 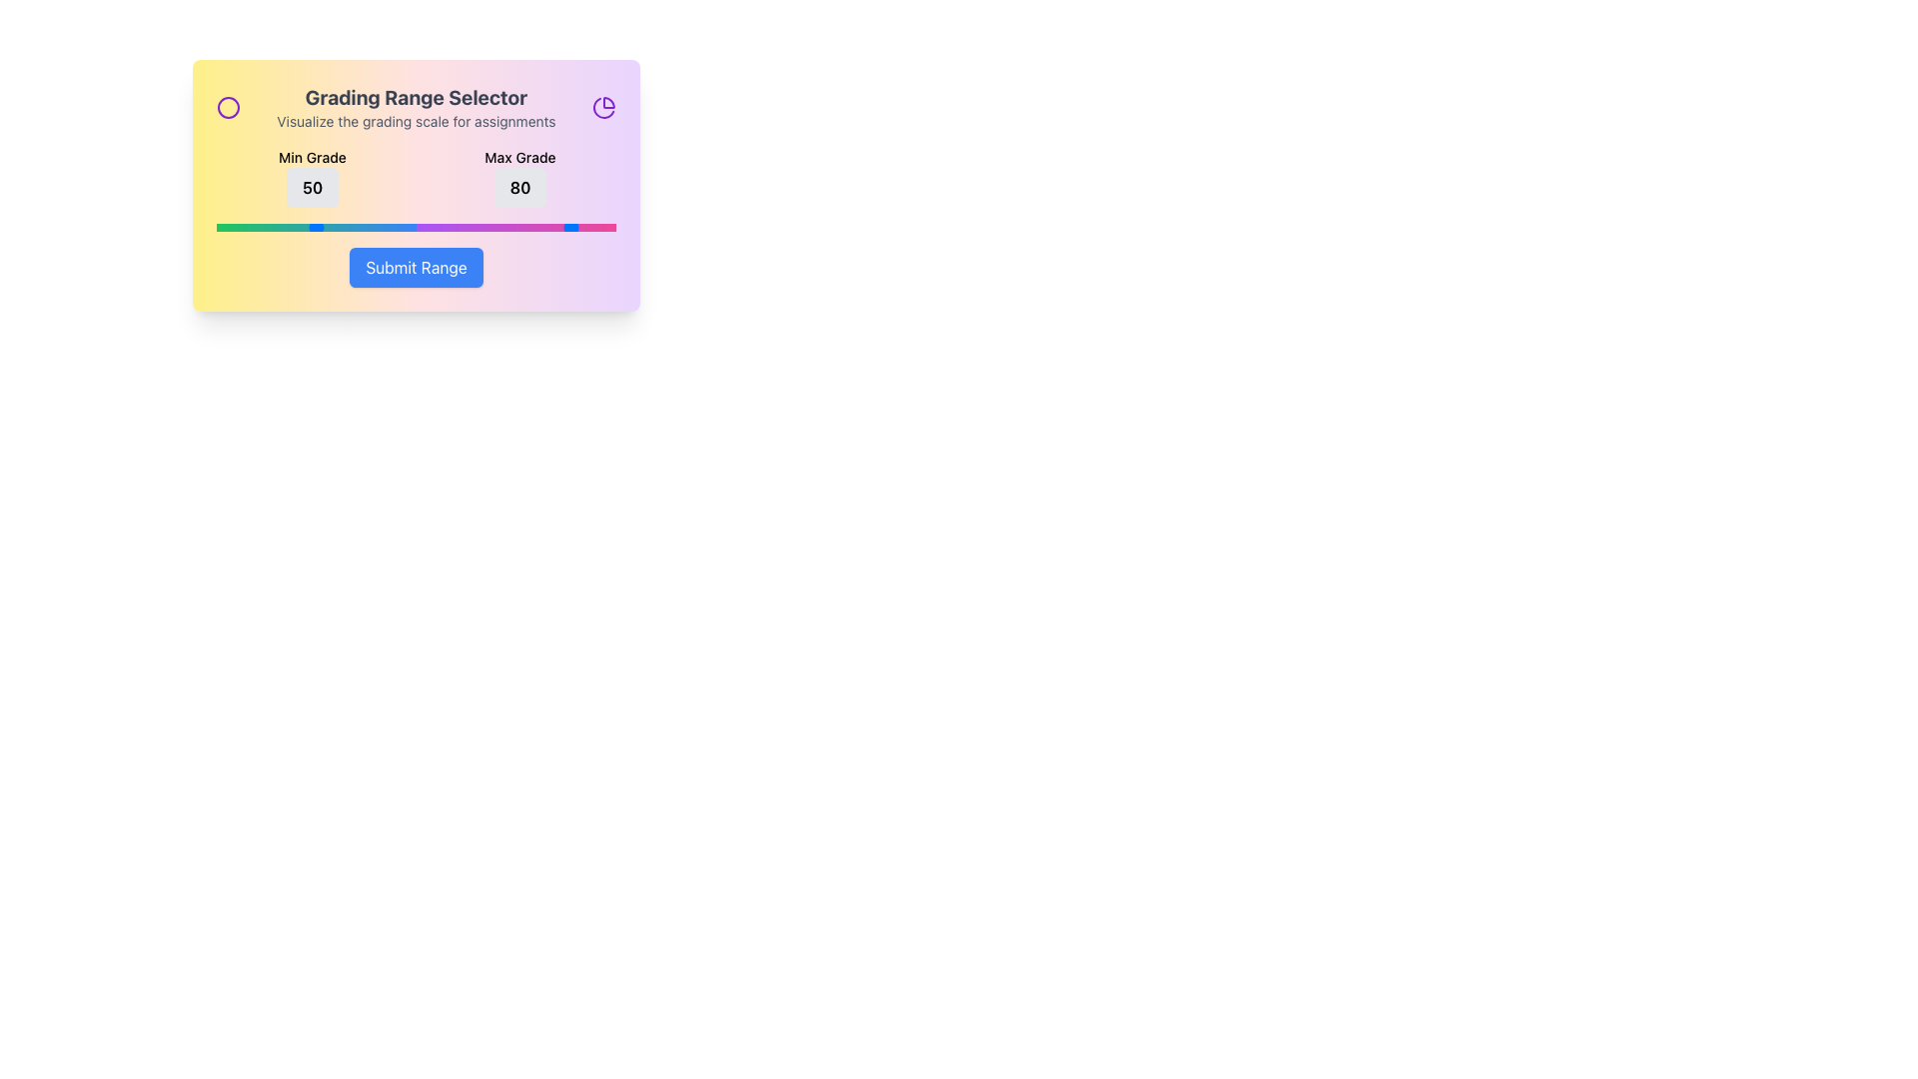 I want to click on the slider value, so click(x=498, y=226).